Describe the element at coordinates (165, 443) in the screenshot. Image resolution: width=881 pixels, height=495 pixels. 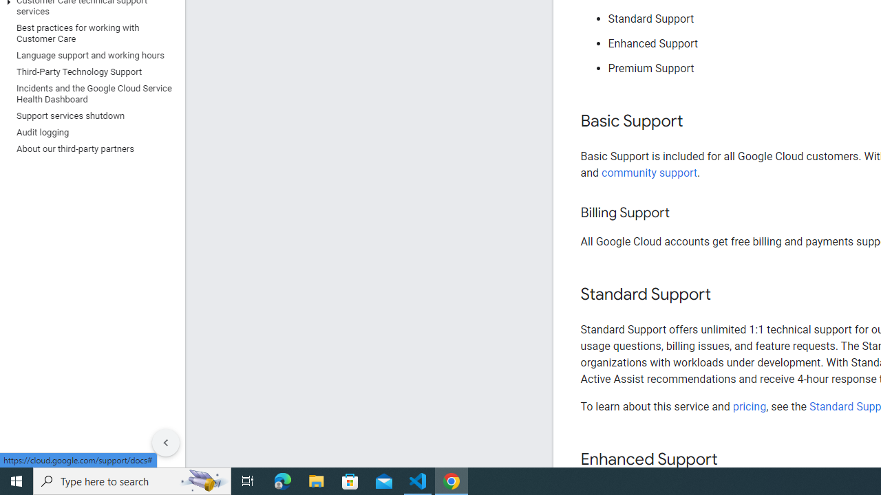
I see `'Hide side navigation'` at that location.